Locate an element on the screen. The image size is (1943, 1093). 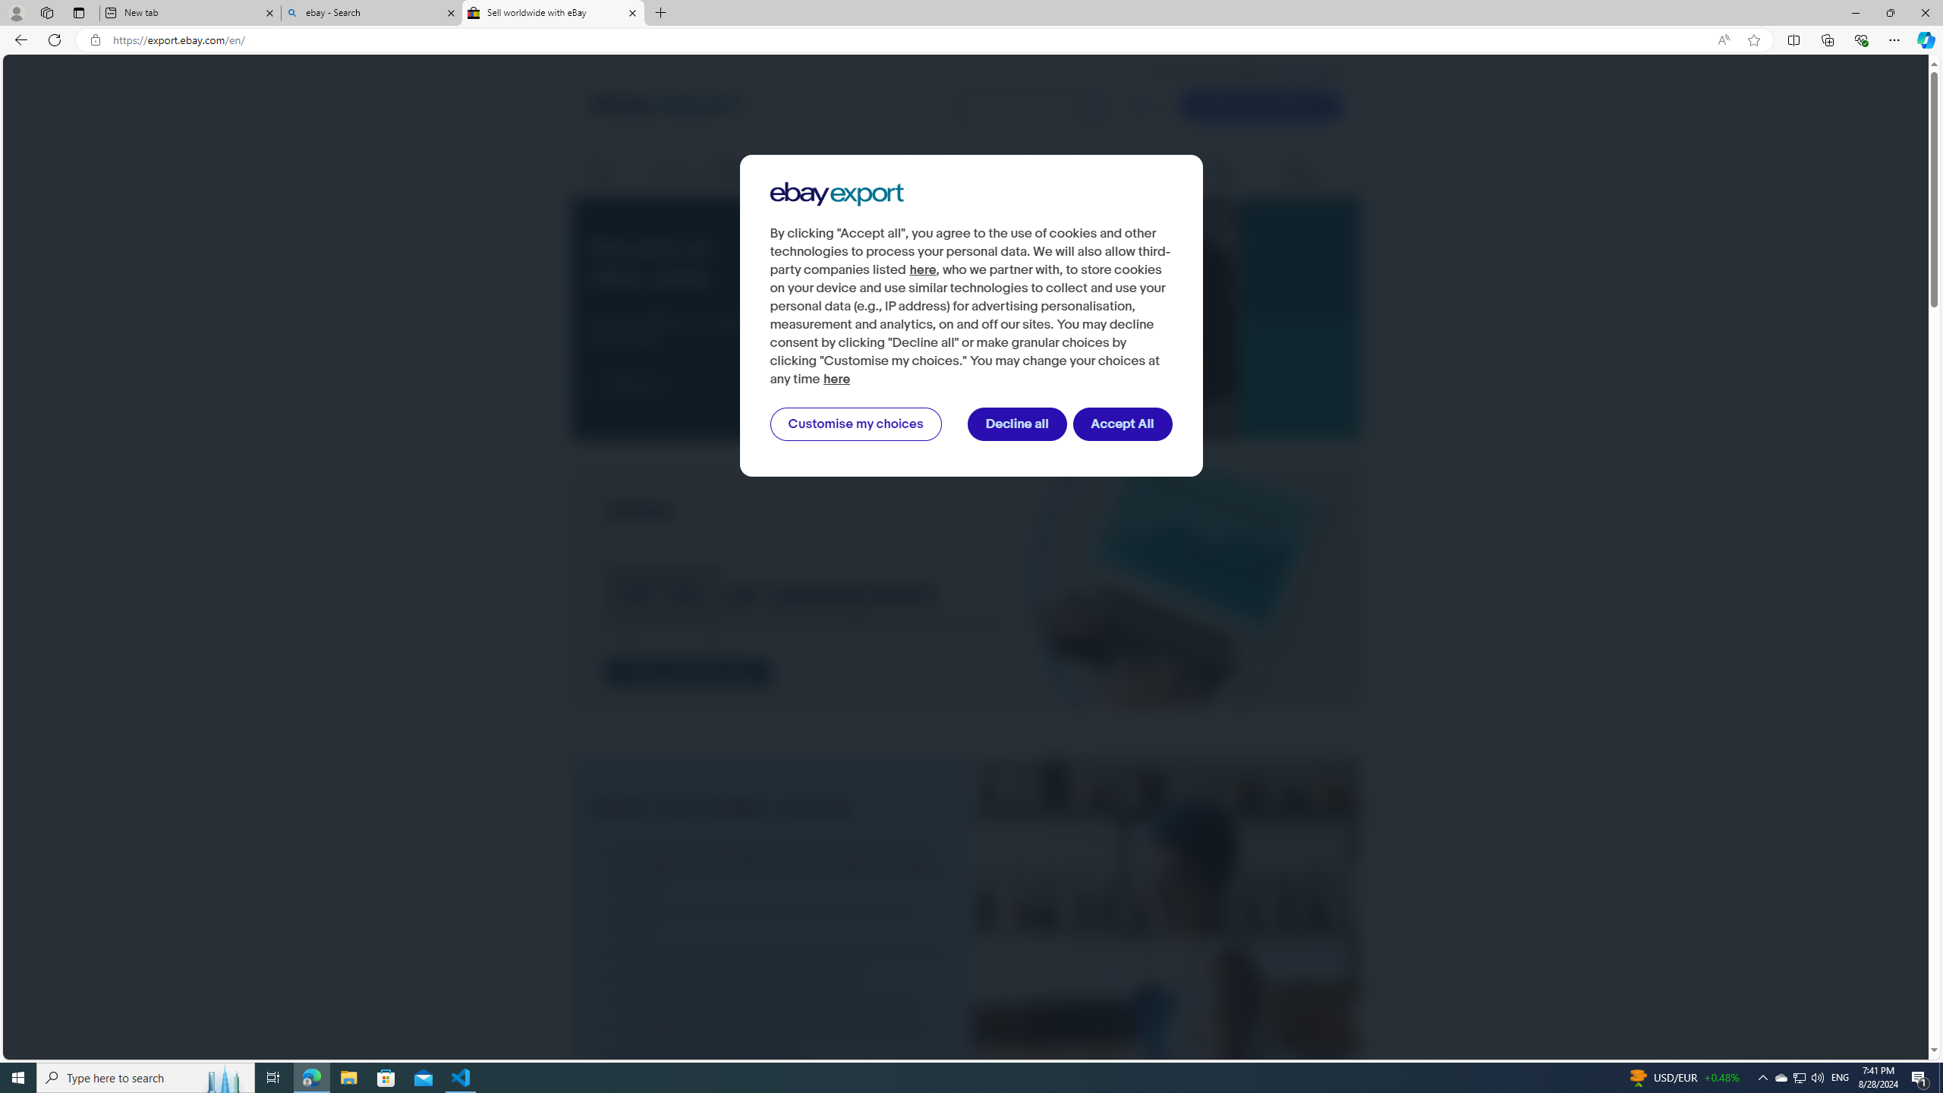
'Create Your Listing' is located at coordinates (1260, 105).